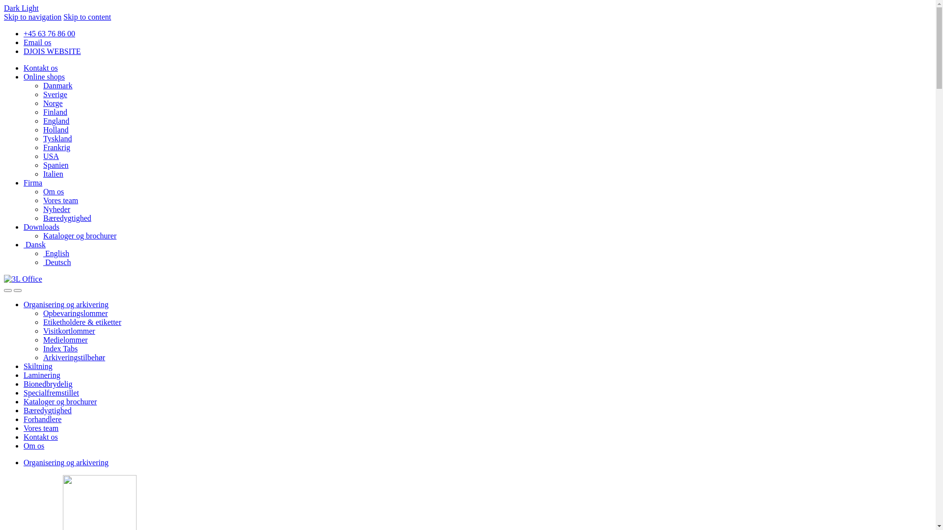 Image resolution: width=943 pixels, height=530 pixels. What do you see at coordinates (80, 236) in the screenshot?
I see `'Kataloger og brochurer'` at bounding box center [80, 236].